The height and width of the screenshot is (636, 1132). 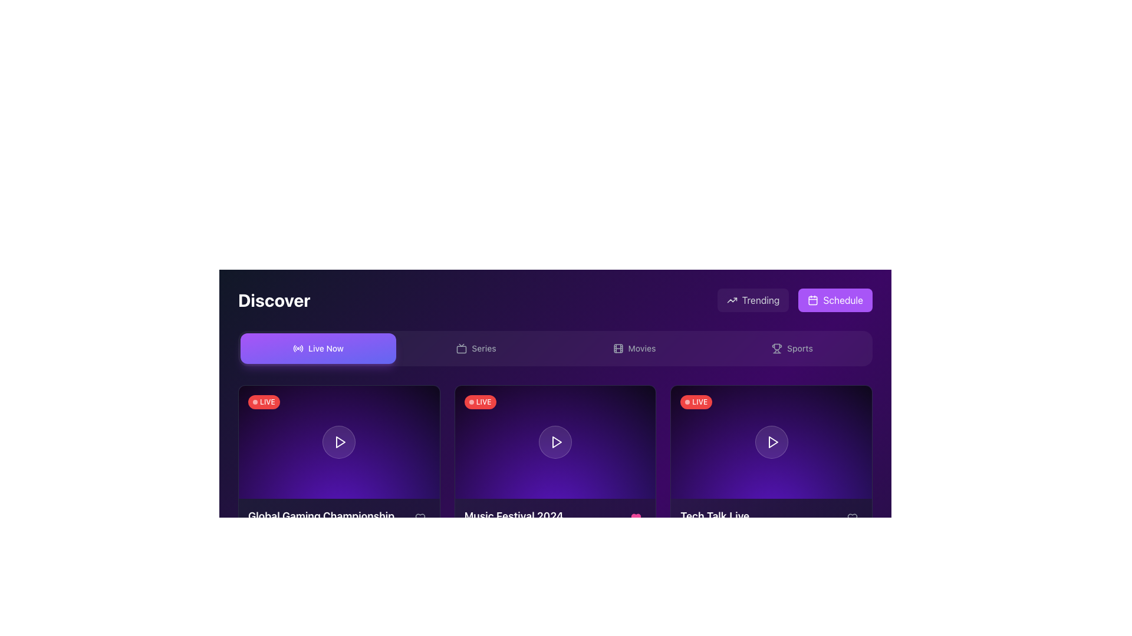 I want to click on the heart icon located at the bottom-right corner of the 'Tech Talk Live' card to like or favorite the associated content, so click(x=852, y=517).